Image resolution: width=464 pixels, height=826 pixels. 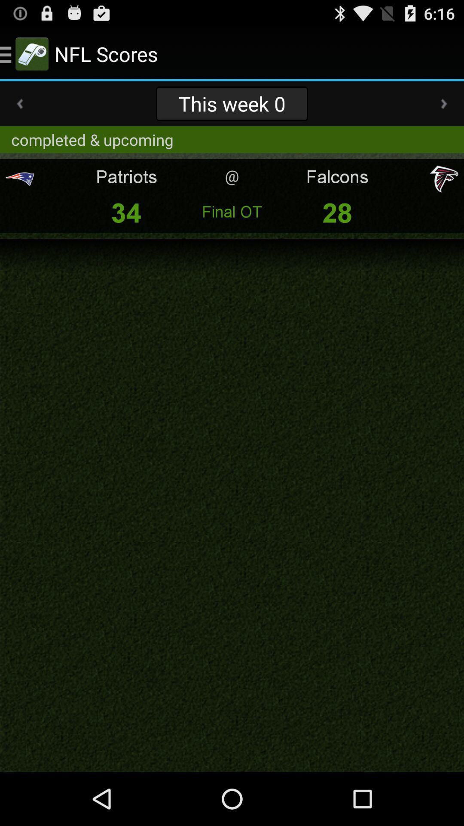 What do you see at coordinates (19, 103) in the screenshot?
I see `app above completed & upcoming` at bounding box center [19, 103].